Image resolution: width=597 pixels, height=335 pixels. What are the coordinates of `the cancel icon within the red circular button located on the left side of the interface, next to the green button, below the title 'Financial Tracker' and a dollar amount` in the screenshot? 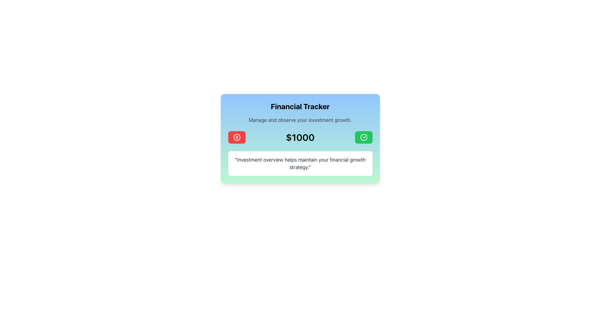 It's located at (236, 137).